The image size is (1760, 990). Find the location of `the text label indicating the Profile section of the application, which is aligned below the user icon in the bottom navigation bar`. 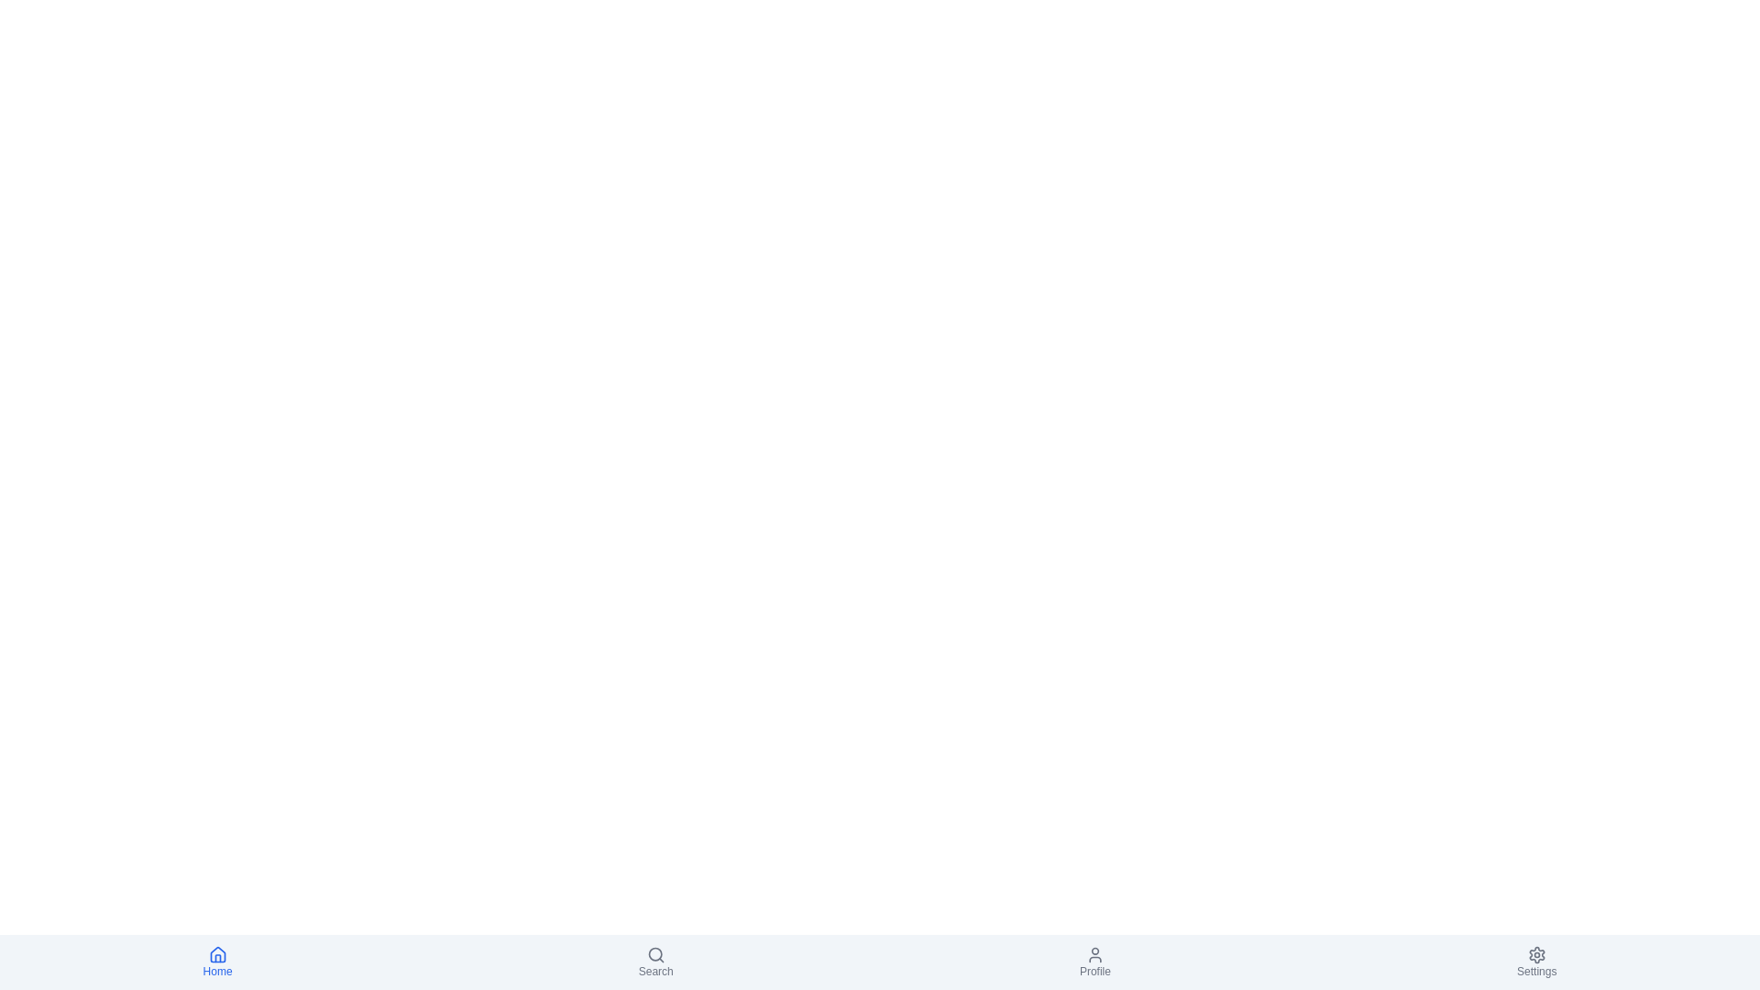

the text label indicating the Profile section of the application, which is aligned below the user icon in the bottom navigation bar is located at coordinates (1094, 971).